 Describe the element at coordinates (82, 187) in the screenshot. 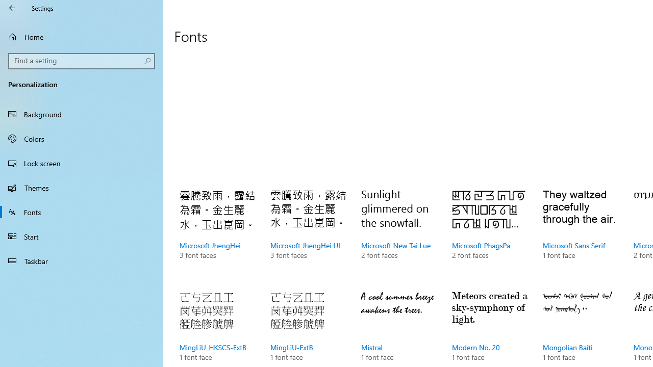

I see `'Themes'` at that location.